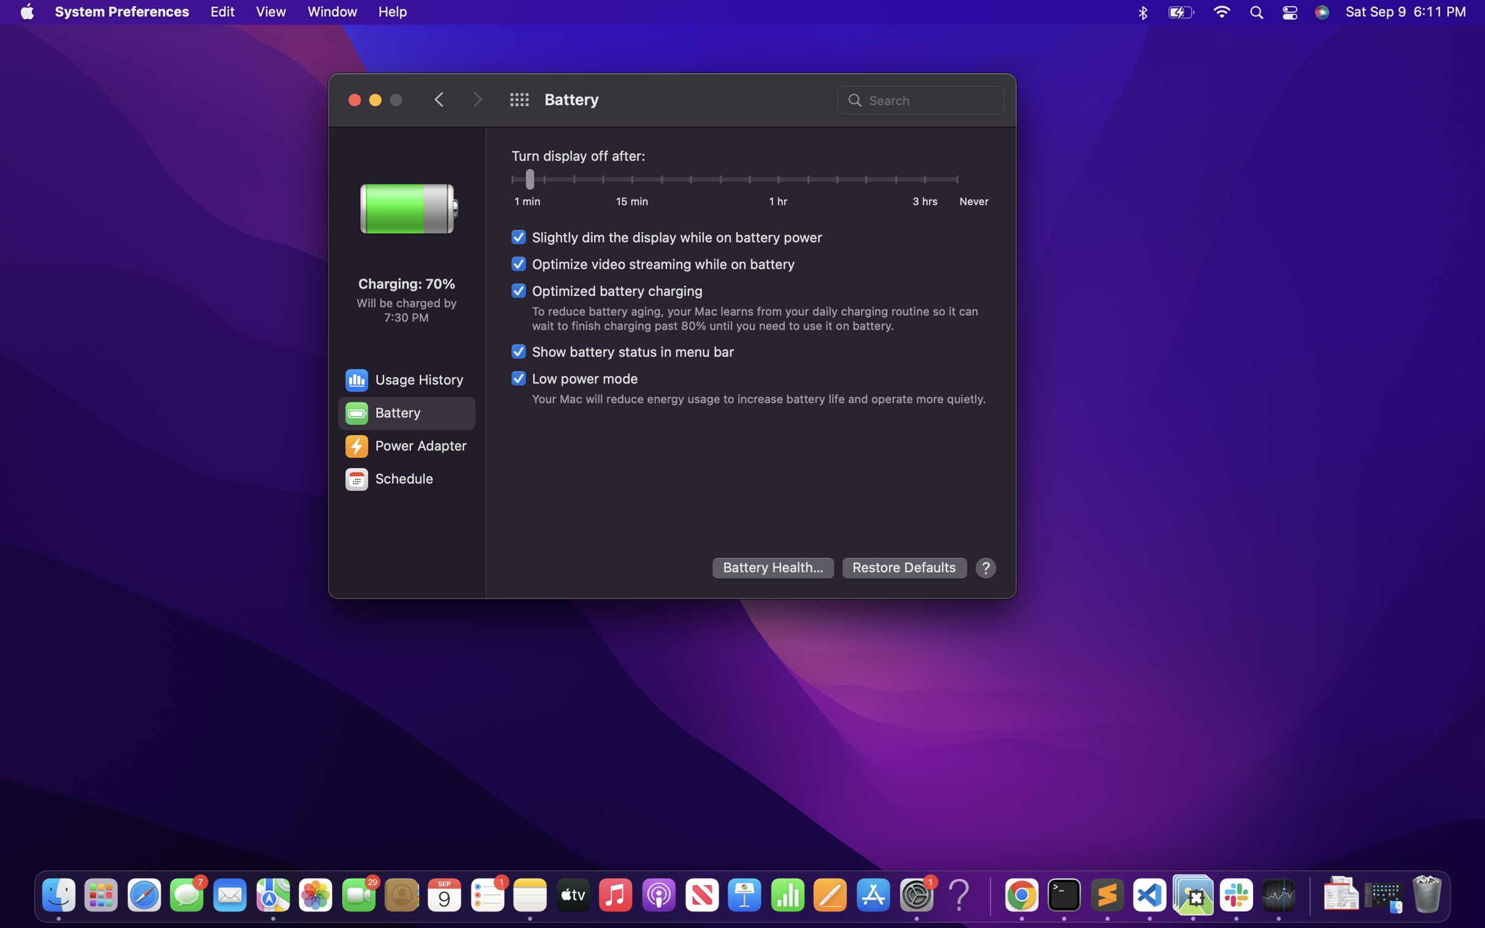 This screenshot has height=928, width=1485. What do you see at coordinates (519, 99) in the screenshot?
I see `the system preference home page` at bounding box center [519, 99].